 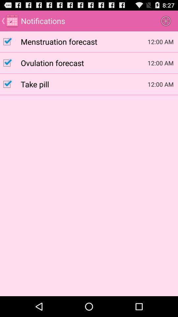 I want to click on check/uncheck notification alert, so click(x=10, y=41).